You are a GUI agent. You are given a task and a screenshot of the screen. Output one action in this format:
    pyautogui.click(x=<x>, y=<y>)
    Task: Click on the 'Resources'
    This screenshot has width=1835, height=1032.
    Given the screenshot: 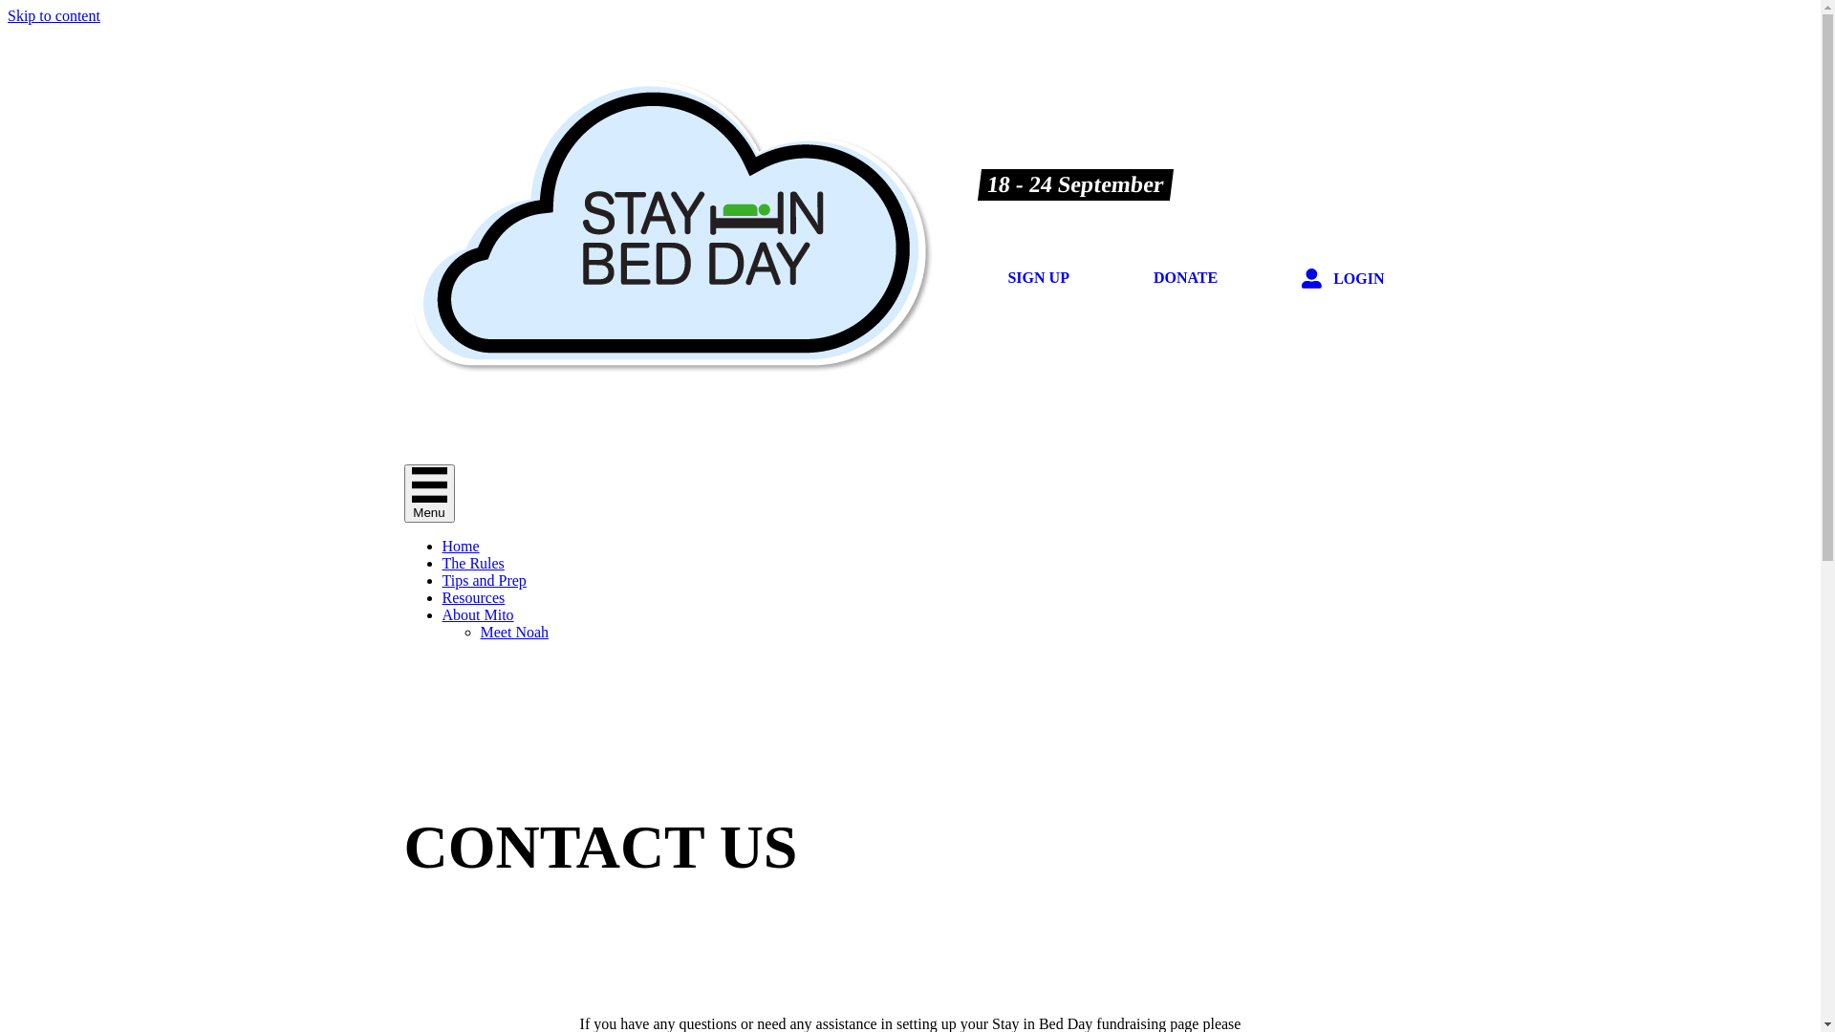 What is the action you would take?
    pyautogui.click(x=472, y=596)
    